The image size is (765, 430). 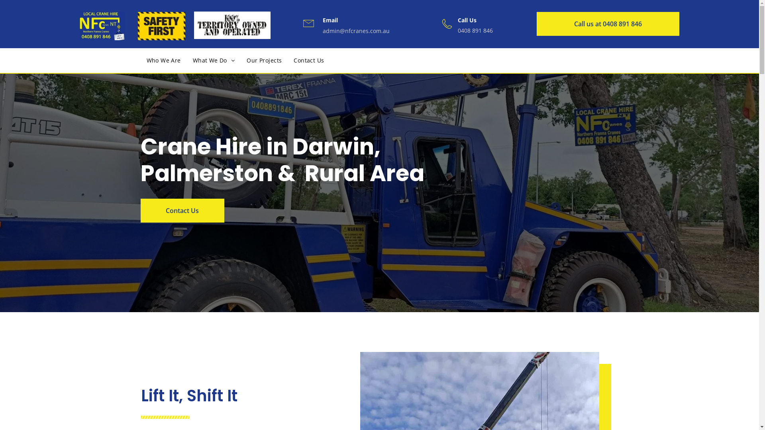 I want to click on 'Who We Are', so click(x=163, y=60).